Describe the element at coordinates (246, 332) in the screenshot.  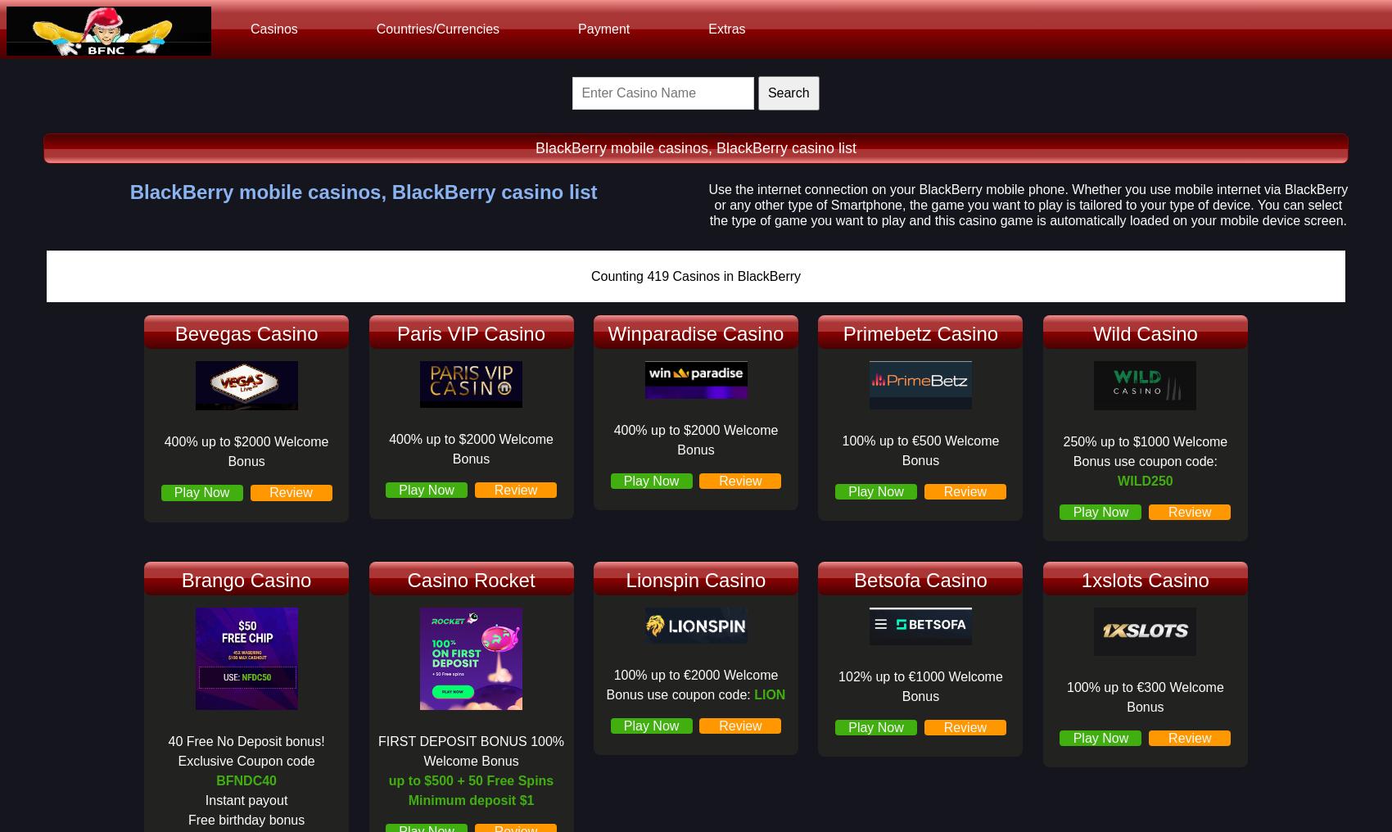
I see `'Bevegas Casino'` at that location.